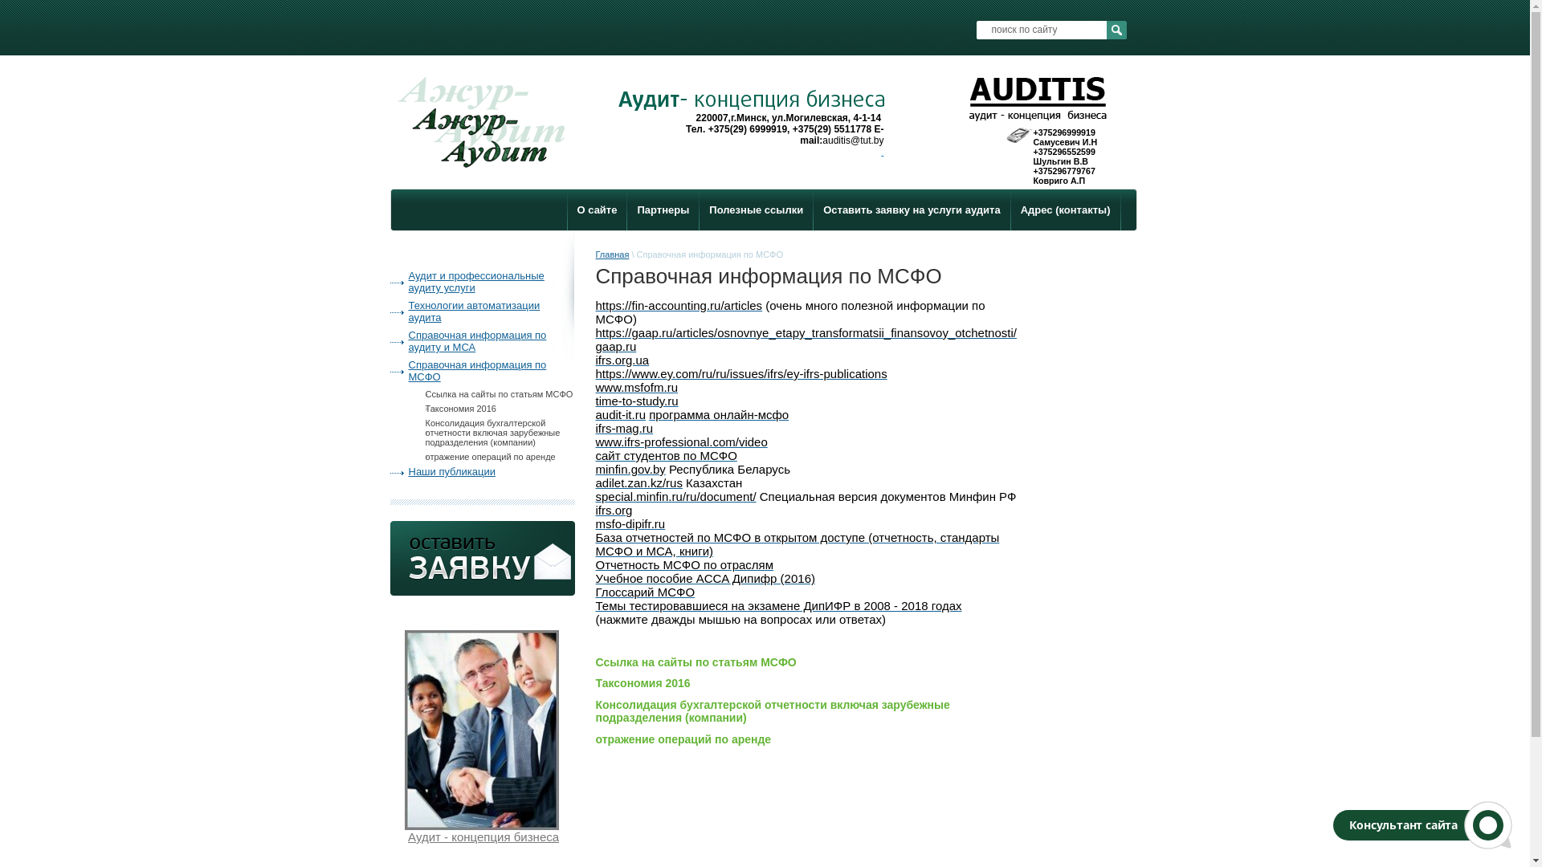  What do you see at coordinates (679, 305) in the screenshot?
I see `'https://fin-accounting.ru/articles'` at bounding box center [679, 305].